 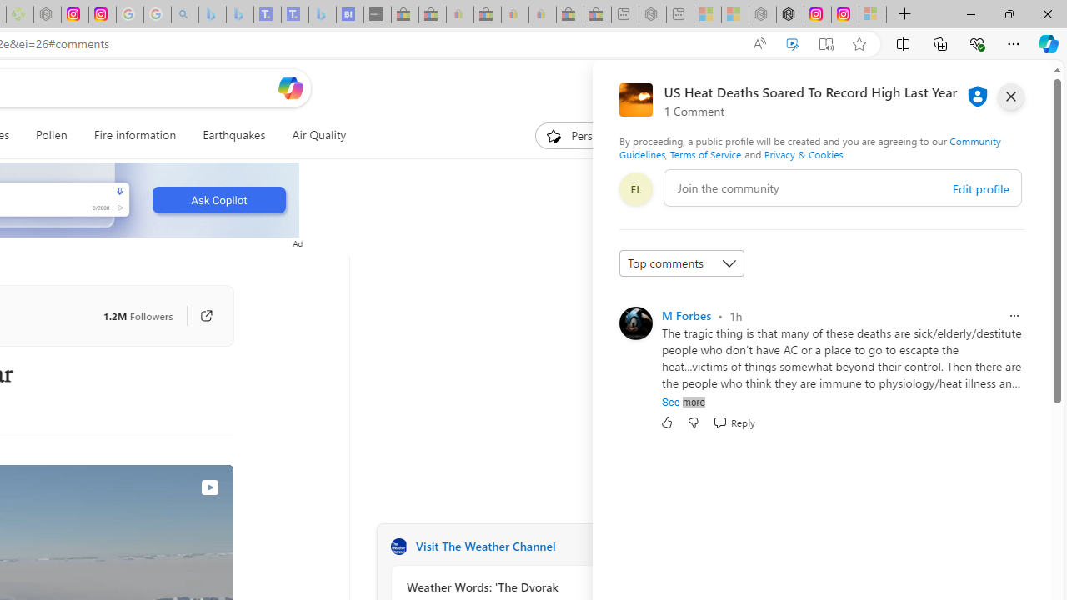 What do you see at coordinates (542, 14) in the screenshot?
I see `'Payments Terms of Use | eBay.com - Sleeping'` at bounding box center [542, 14].